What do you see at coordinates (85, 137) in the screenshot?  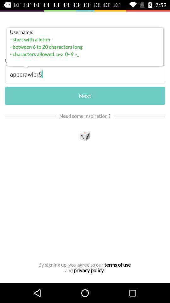 I see `the settings icon` at bounding box center [85, 137].